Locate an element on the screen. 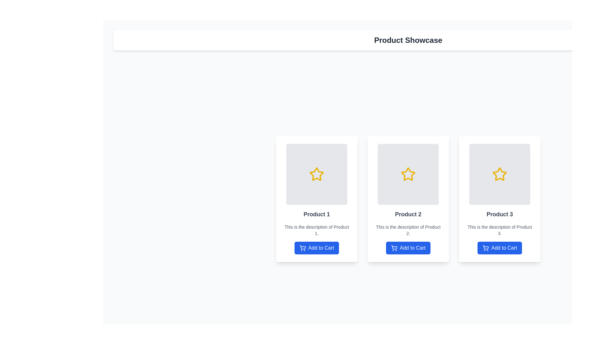 Image resolution: width=610 pixels, height=343 pixels. the short text description reading 'This is the description of Product 1.' which is located below the 'Product 1' title and above the blue 'Add to Cart' button is located at coordinates (317, 230).